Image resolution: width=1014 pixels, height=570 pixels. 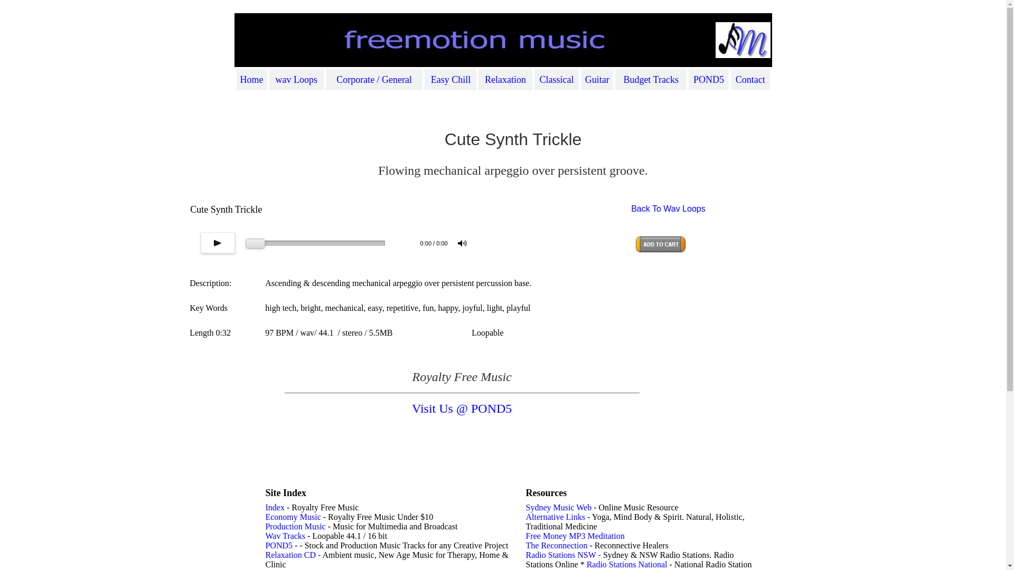 I want to click on 'Budget Tracks', so click(x=650, y=79).